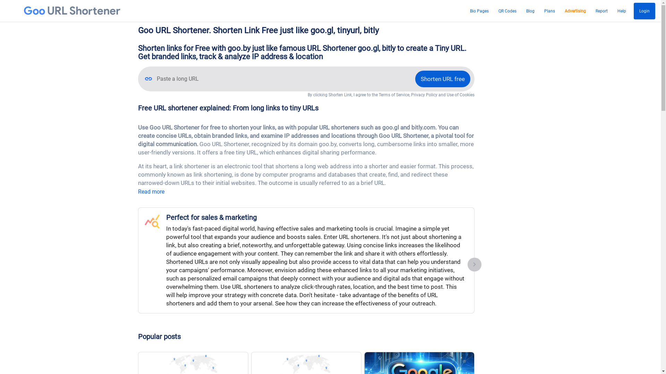 This screenshot has height=374, width=666. Describe the element at coordinates (496, 11) in the screenshot. I see `'QR Codes'` at that location.